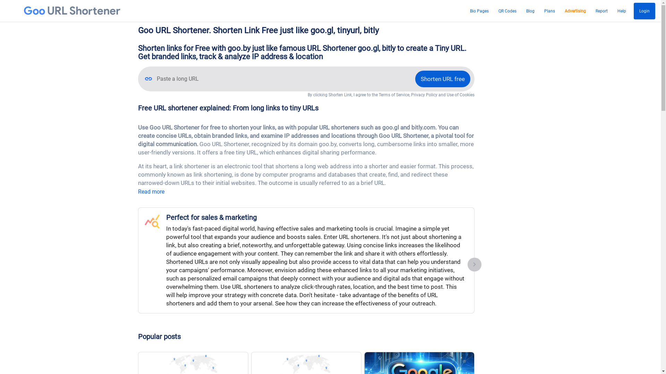 This screenshot has height=374, width=666. Describe the element at coordinates (496, 11) in the screenshot. I see `'QR Codes'` at that location.